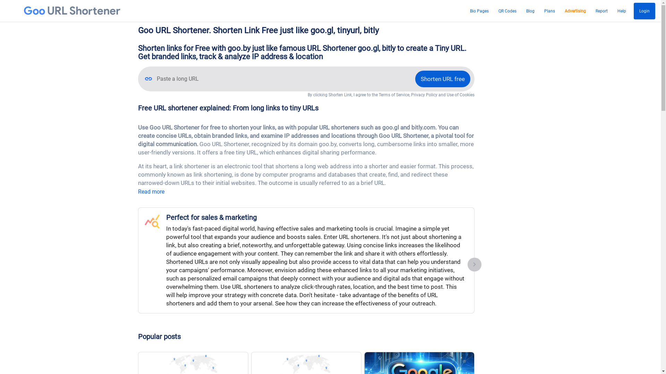 This screenshot has height=374, width=666. Describe the element at coordinates (496, 11) in the screenshot. I see `'QR Codes'` at that location.